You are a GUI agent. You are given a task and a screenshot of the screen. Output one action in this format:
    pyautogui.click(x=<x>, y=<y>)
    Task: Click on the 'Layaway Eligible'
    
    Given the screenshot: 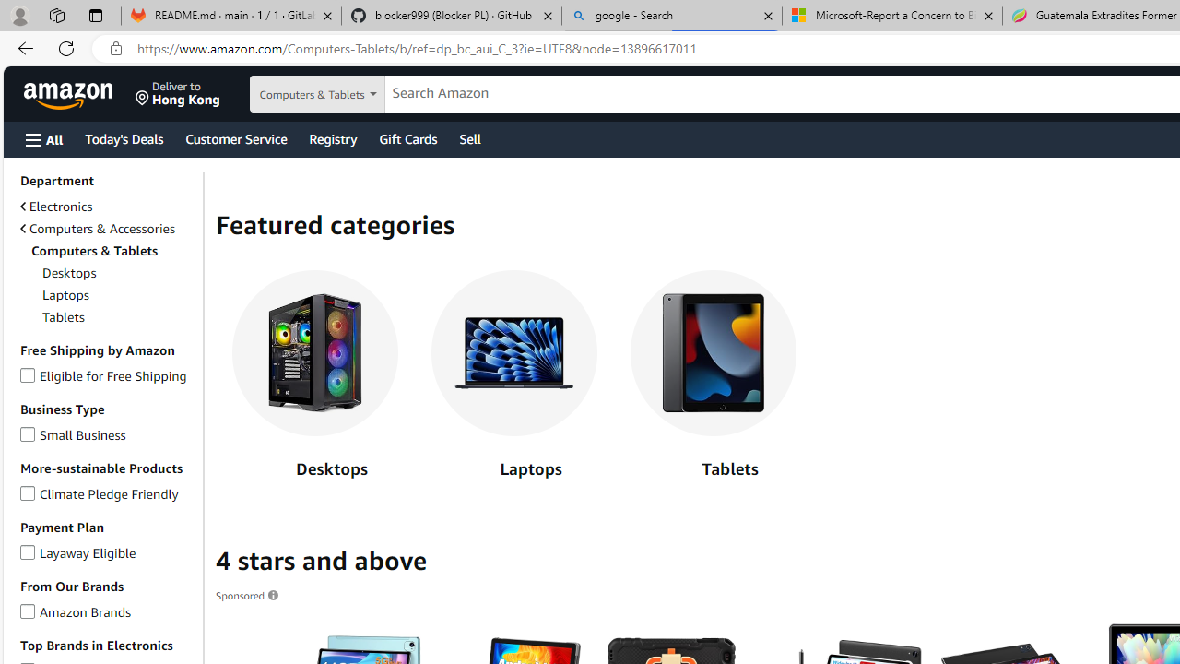 What is the action you would take?
    pyautogui.click(x=28, y=549)
    